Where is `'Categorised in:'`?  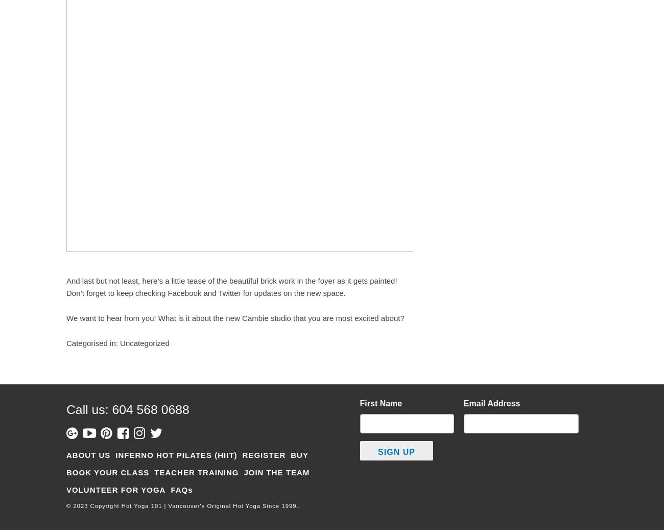 'Categorised in:' is located at coordinates (66, 343).